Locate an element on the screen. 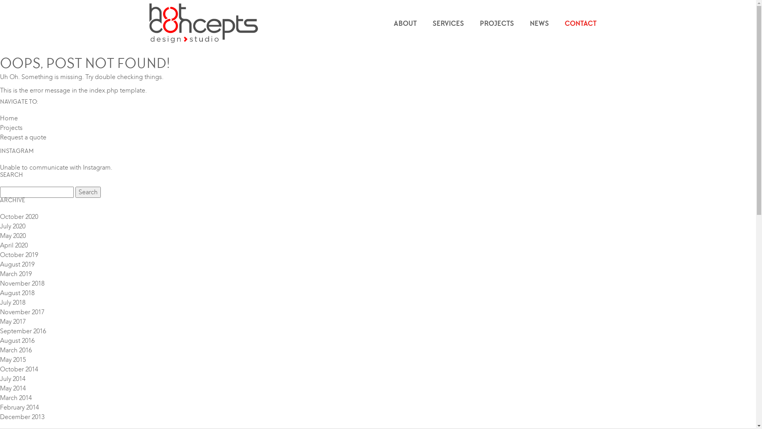  'Request a quote' is located at coordinates (23, 137).